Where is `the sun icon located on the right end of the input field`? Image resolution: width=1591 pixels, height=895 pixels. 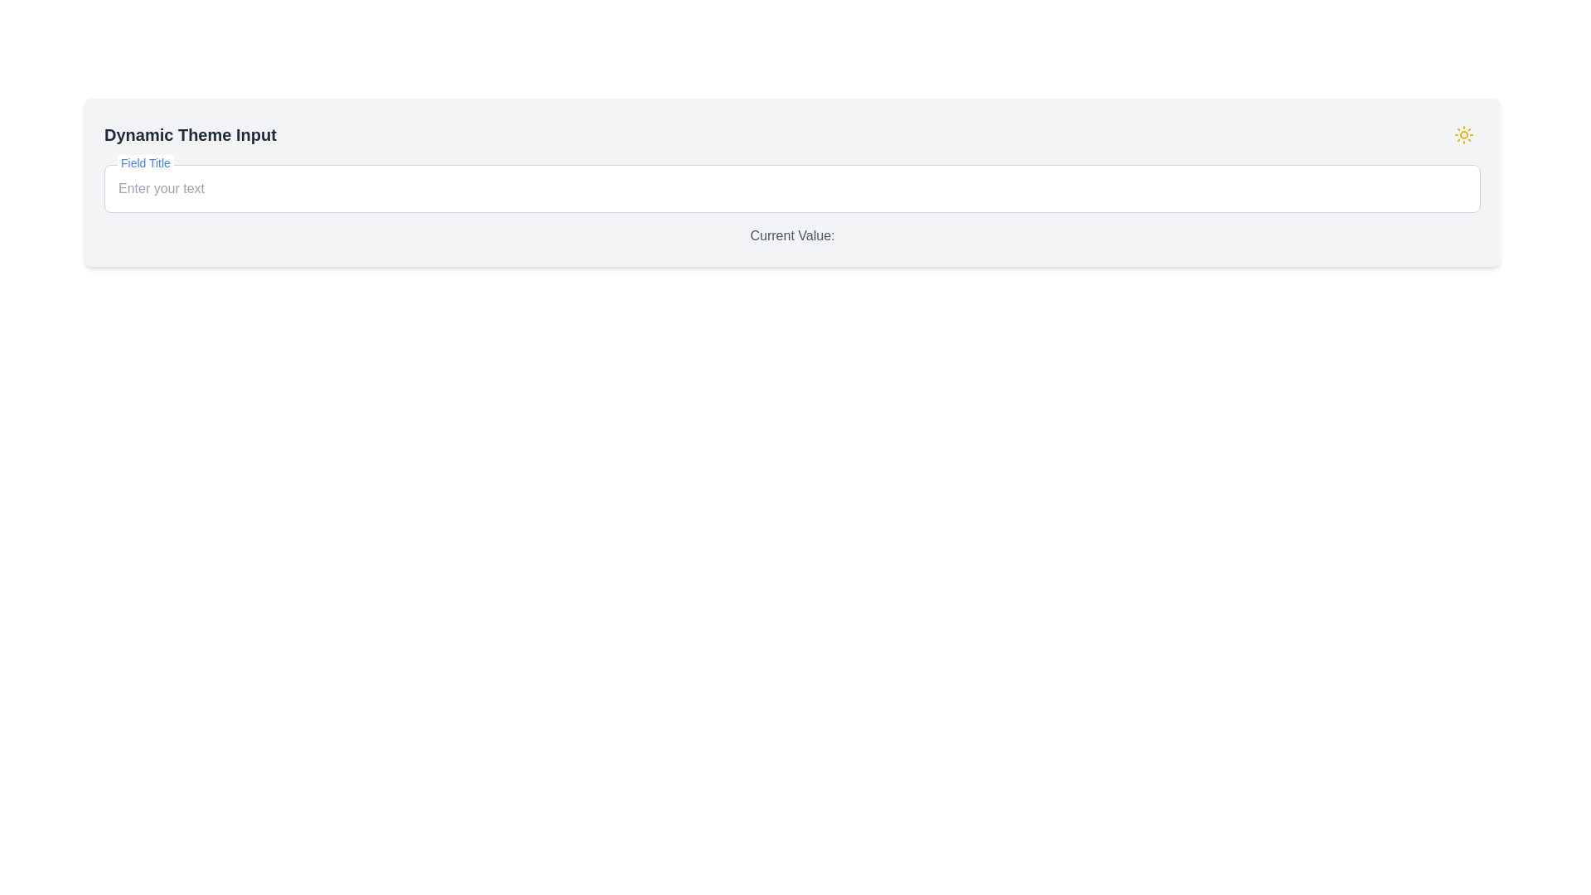
the sun icon located on the right end of the input field is located at coordinates (1463, 133).